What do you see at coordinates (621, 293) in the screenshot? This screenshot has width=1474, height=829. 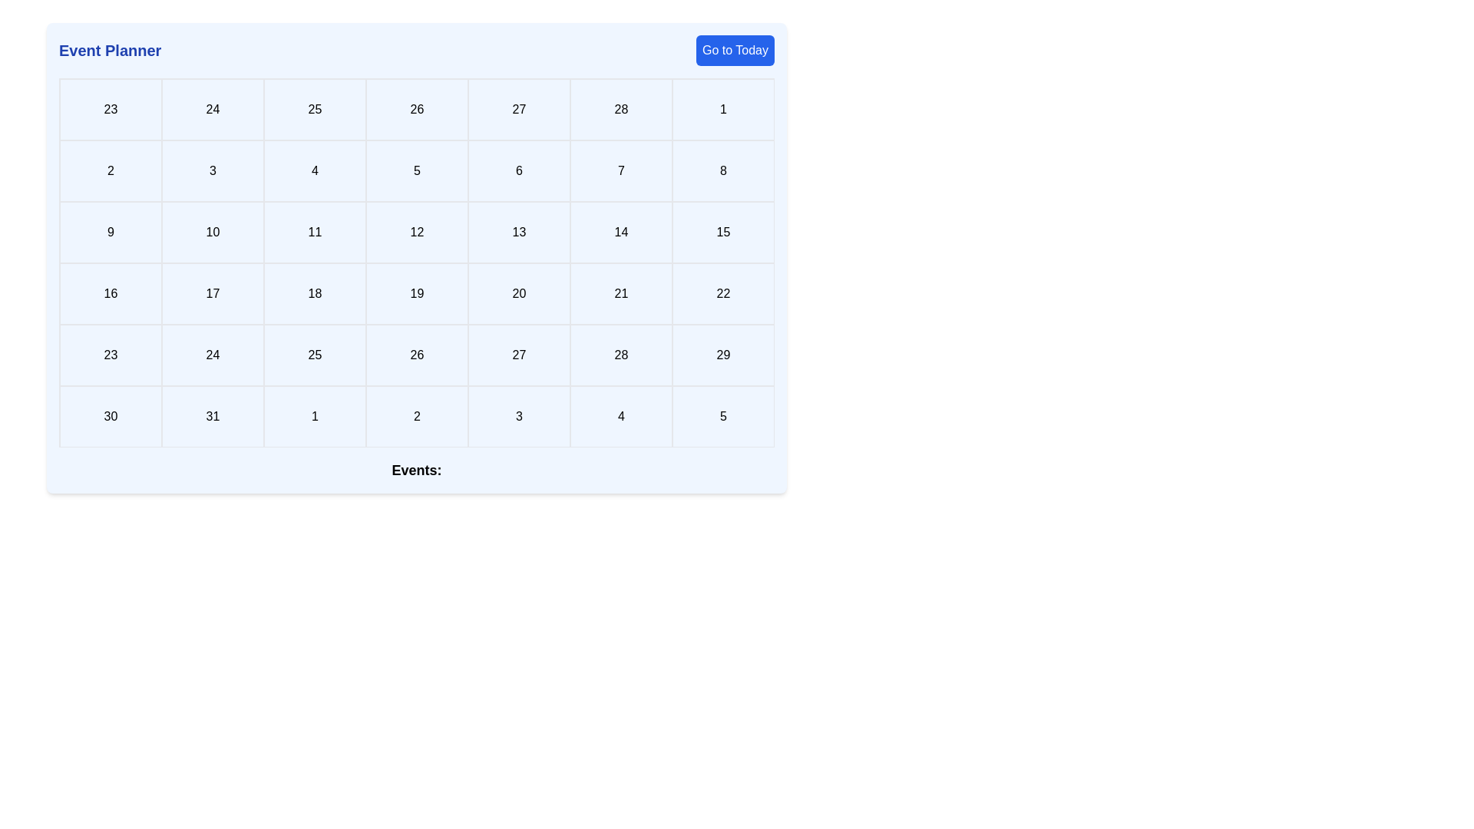 I see `the calendar day cell with the text '21' in the 6th column of the 4th row under the 'Event Planner' label` at bounding box center [621, 293].